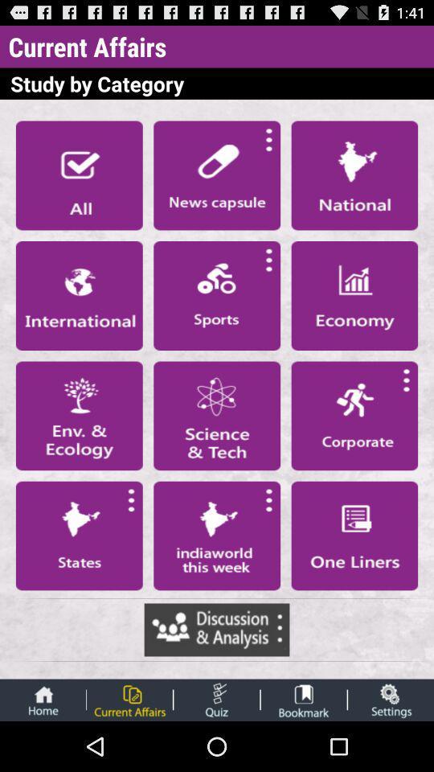 The width and height of the screenshot is (434, 772). Describe the element at coordinates (217, 175) in the screenshot. I see `news capsule category` at that location.